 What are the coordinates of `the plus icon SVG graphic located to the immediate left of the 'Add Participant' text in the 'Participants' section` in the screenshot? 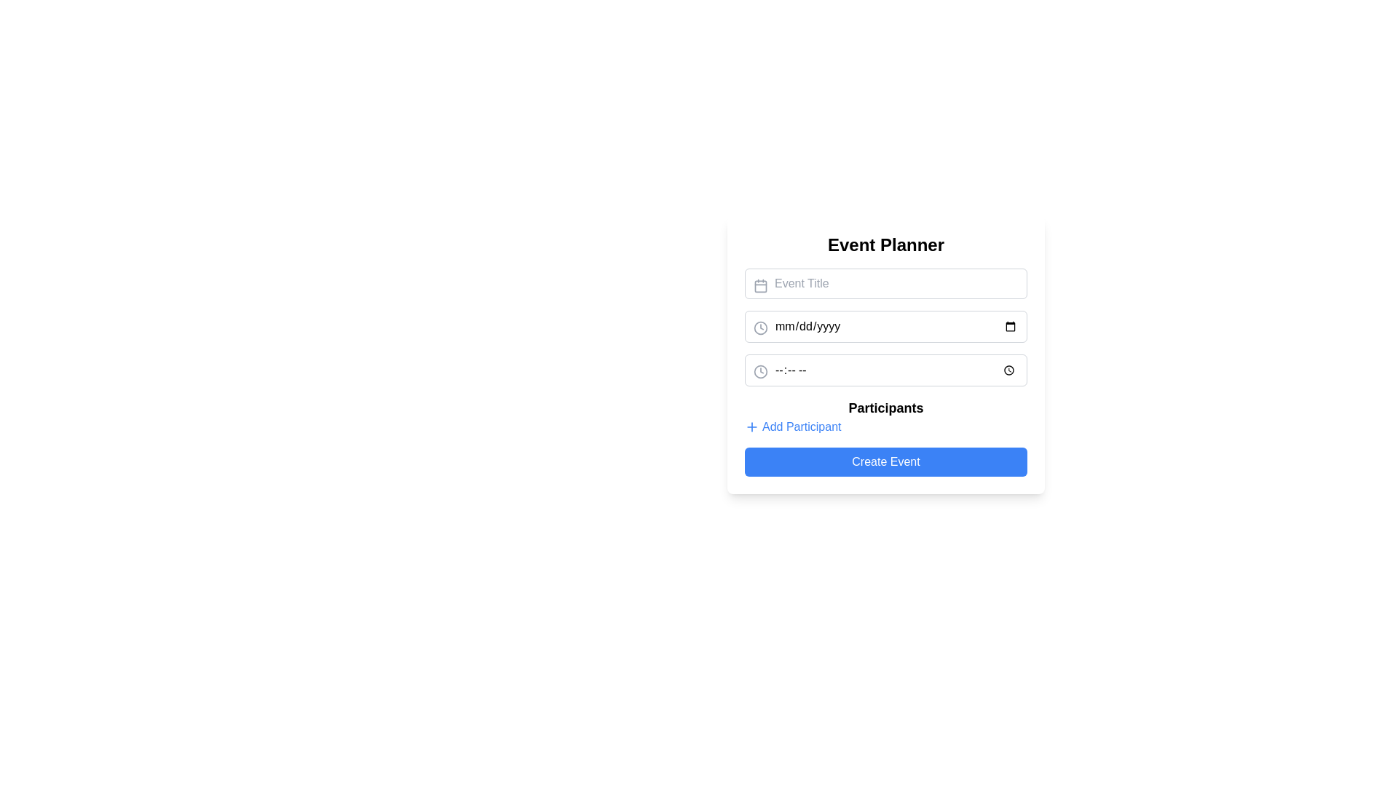 It's located at (751, 426).